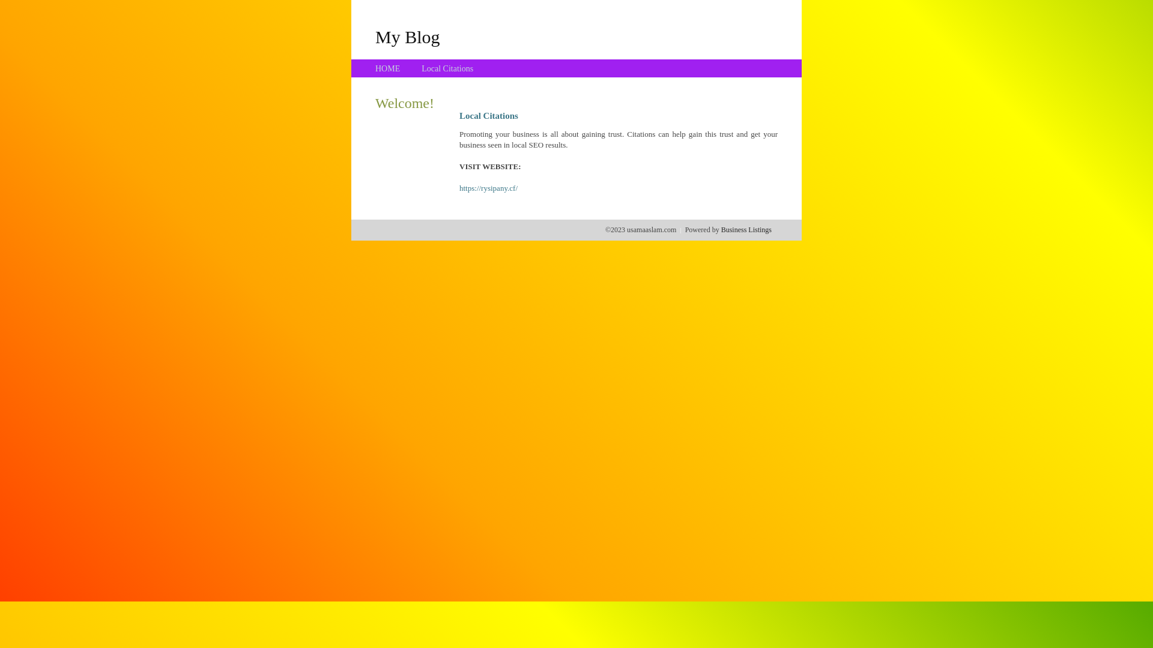 Image resolution: width=1153 pixels, height=648 pixels. What do you see at coordinates (387, 68) in the screenshot?
I see `'HOME'` at bounding box center [387, 68].